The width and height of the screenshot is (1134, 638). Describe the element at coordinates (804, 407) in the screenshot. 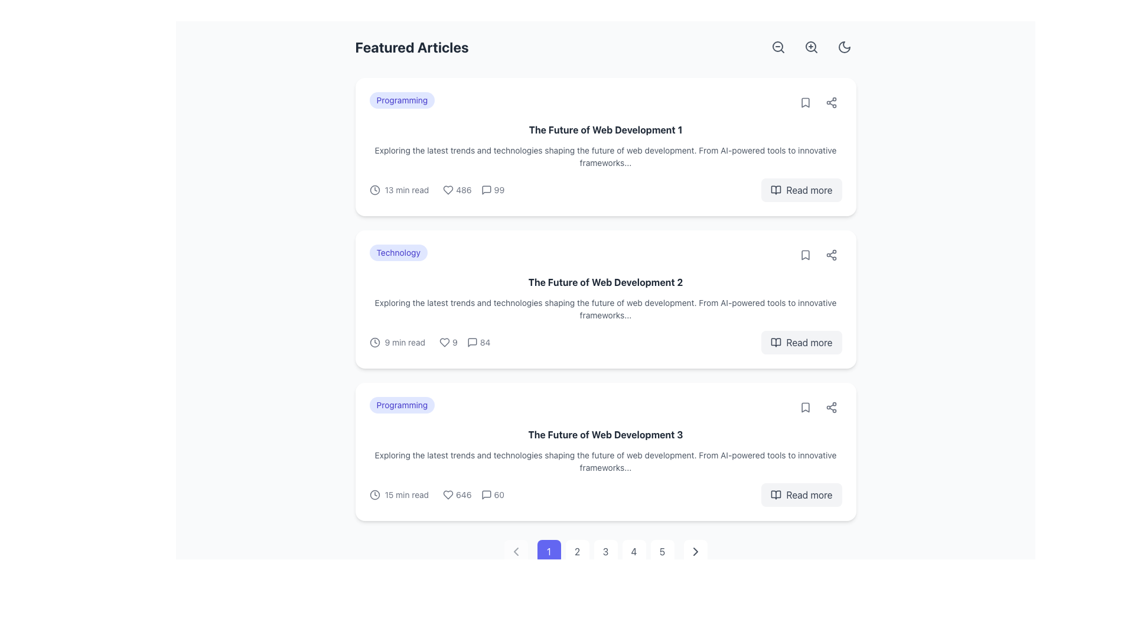

I see `the bookmark button located within the third article card from the top, positioned to the right of the article title and description, for keyboard navigation` at that location.